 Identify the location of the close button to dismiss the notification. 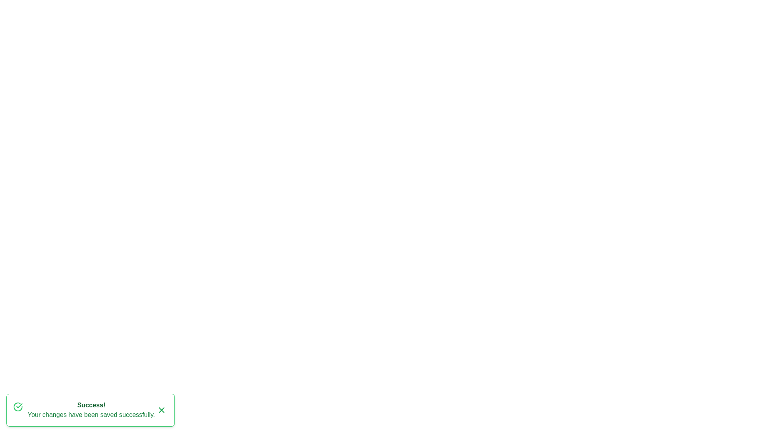
(161, 410).